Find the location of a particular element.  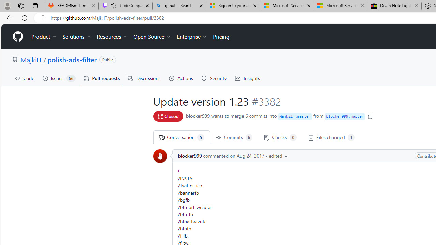

'github - Search' is located at coordinates (179, 6).